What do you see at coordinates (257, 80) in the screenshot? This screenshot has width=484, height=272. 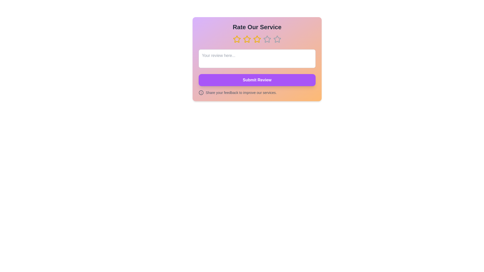 I see `the 'Submit Review' button with a purple background and rounded corners` at bounding box center [257, 80].